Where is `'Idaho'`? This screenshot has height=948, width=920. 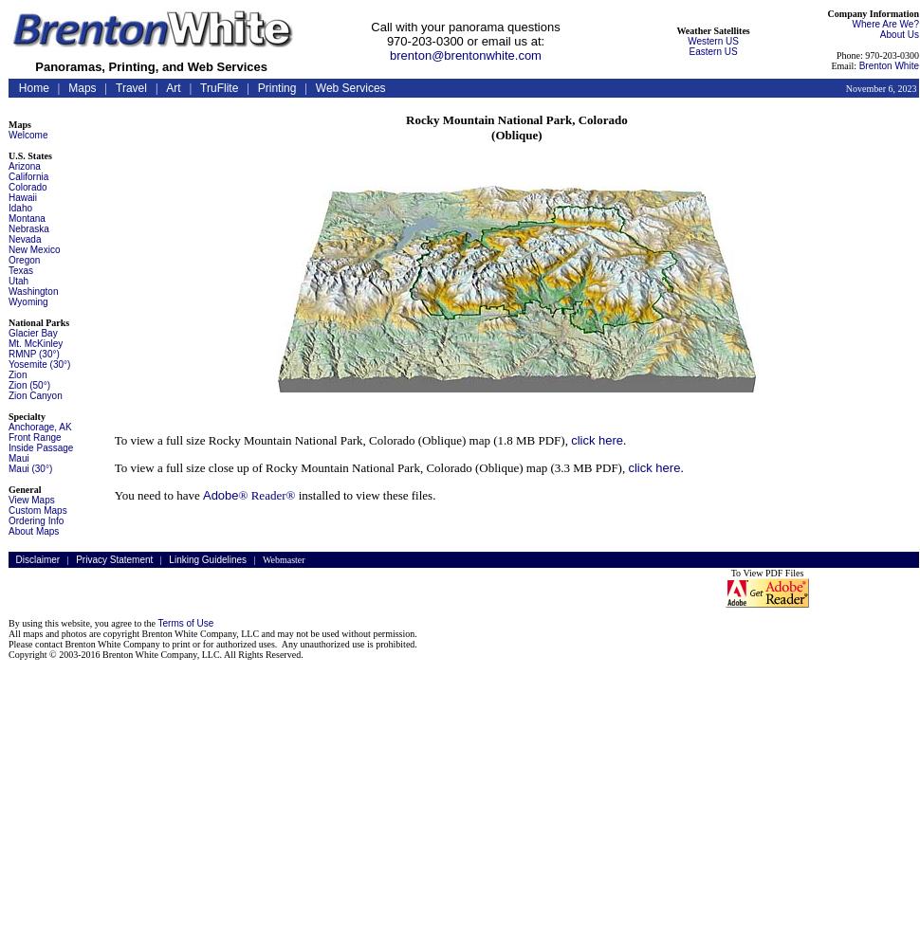 'Idaho' is located at coordinates (20, 207).